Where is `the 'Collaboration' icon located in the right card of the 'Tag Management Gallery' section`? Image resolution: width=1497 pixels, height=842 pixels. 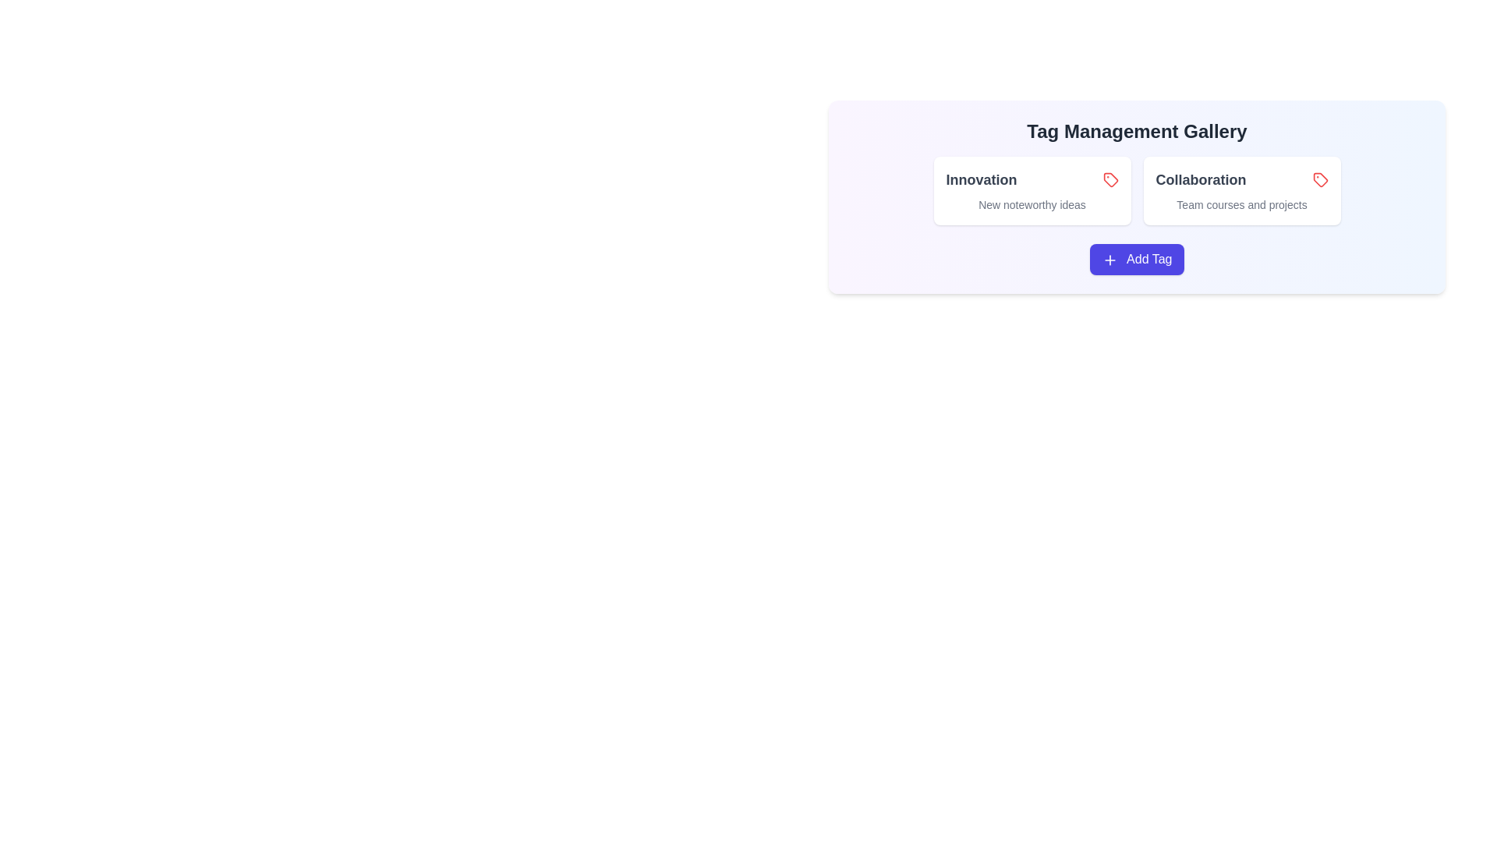 the 'Collaboration' icon located in the right card of the 'Tag Management Gallery' section is located at coordinates (1319, 179).